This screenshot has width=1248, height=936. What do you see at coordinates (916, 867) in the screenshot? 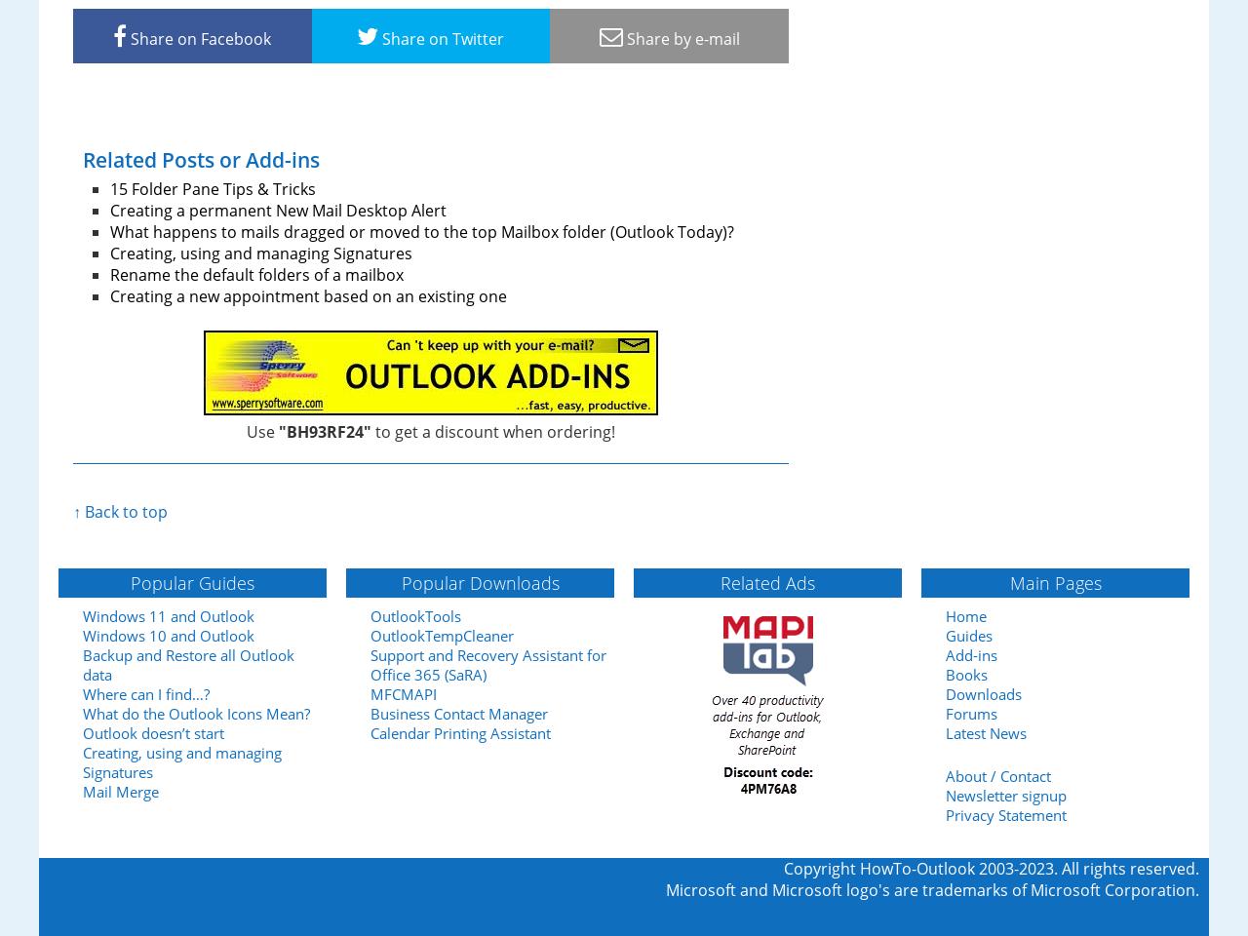
I see `'HowTo-Outlook'` at bounding box center [916, 867].